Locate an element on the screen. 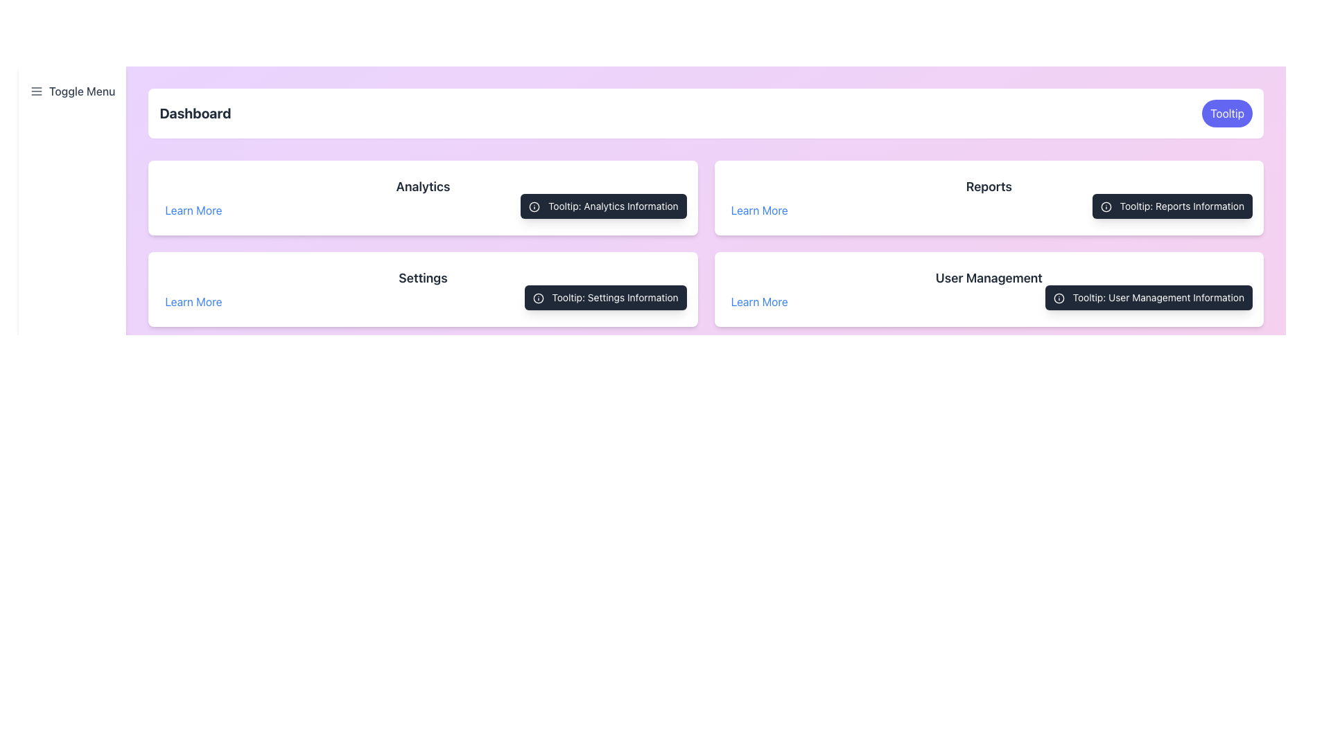  the descriptive title Text component located in the lower right section of the interface, which is above the blue 'Learn More' link is located at coordinates (988, 278).